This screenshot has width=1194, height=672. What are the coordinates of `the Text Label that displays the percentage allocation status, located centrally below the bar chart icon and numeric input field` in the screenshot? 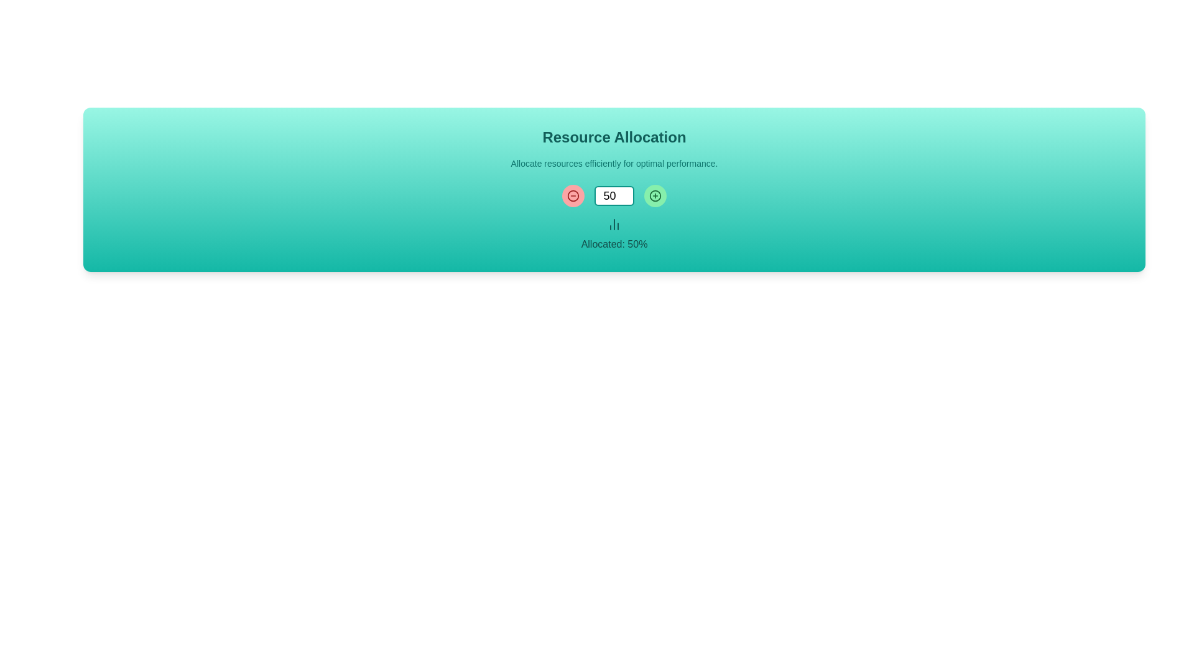 It's located at (614, 235).